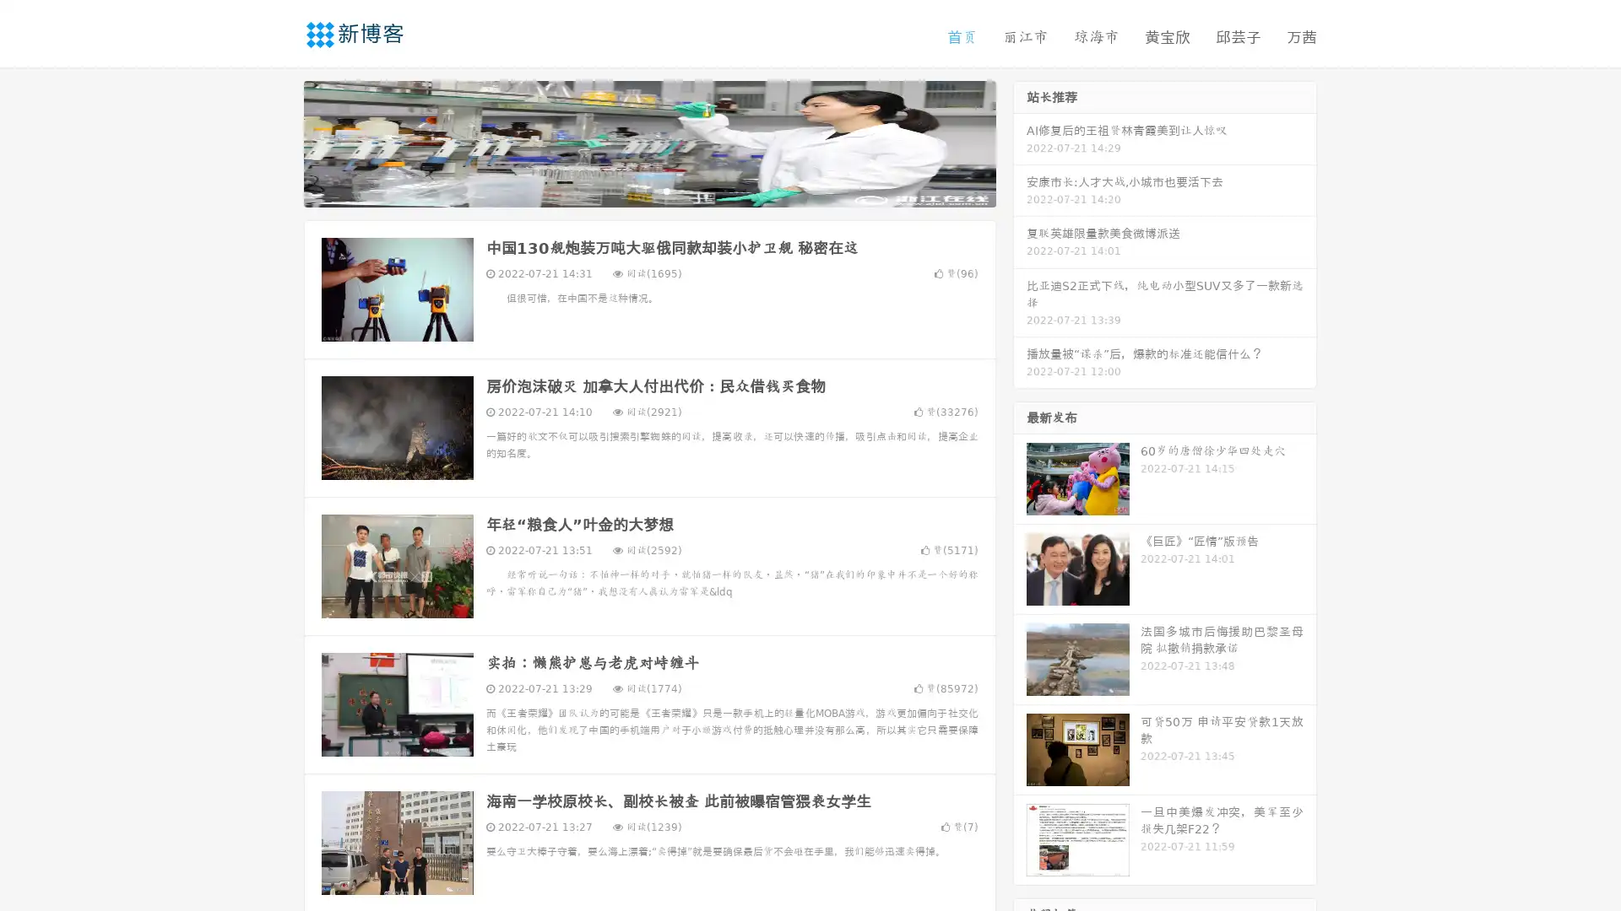 The image size is (1621, 911). What do you see at coordinates (279, 142) in the screenshot?
I see `Previous slide` at bounding box center [279, 142].